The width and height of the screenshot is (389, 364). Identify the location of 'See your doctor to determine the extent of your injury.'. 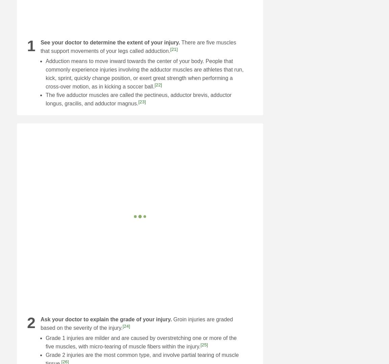
(40, 42).